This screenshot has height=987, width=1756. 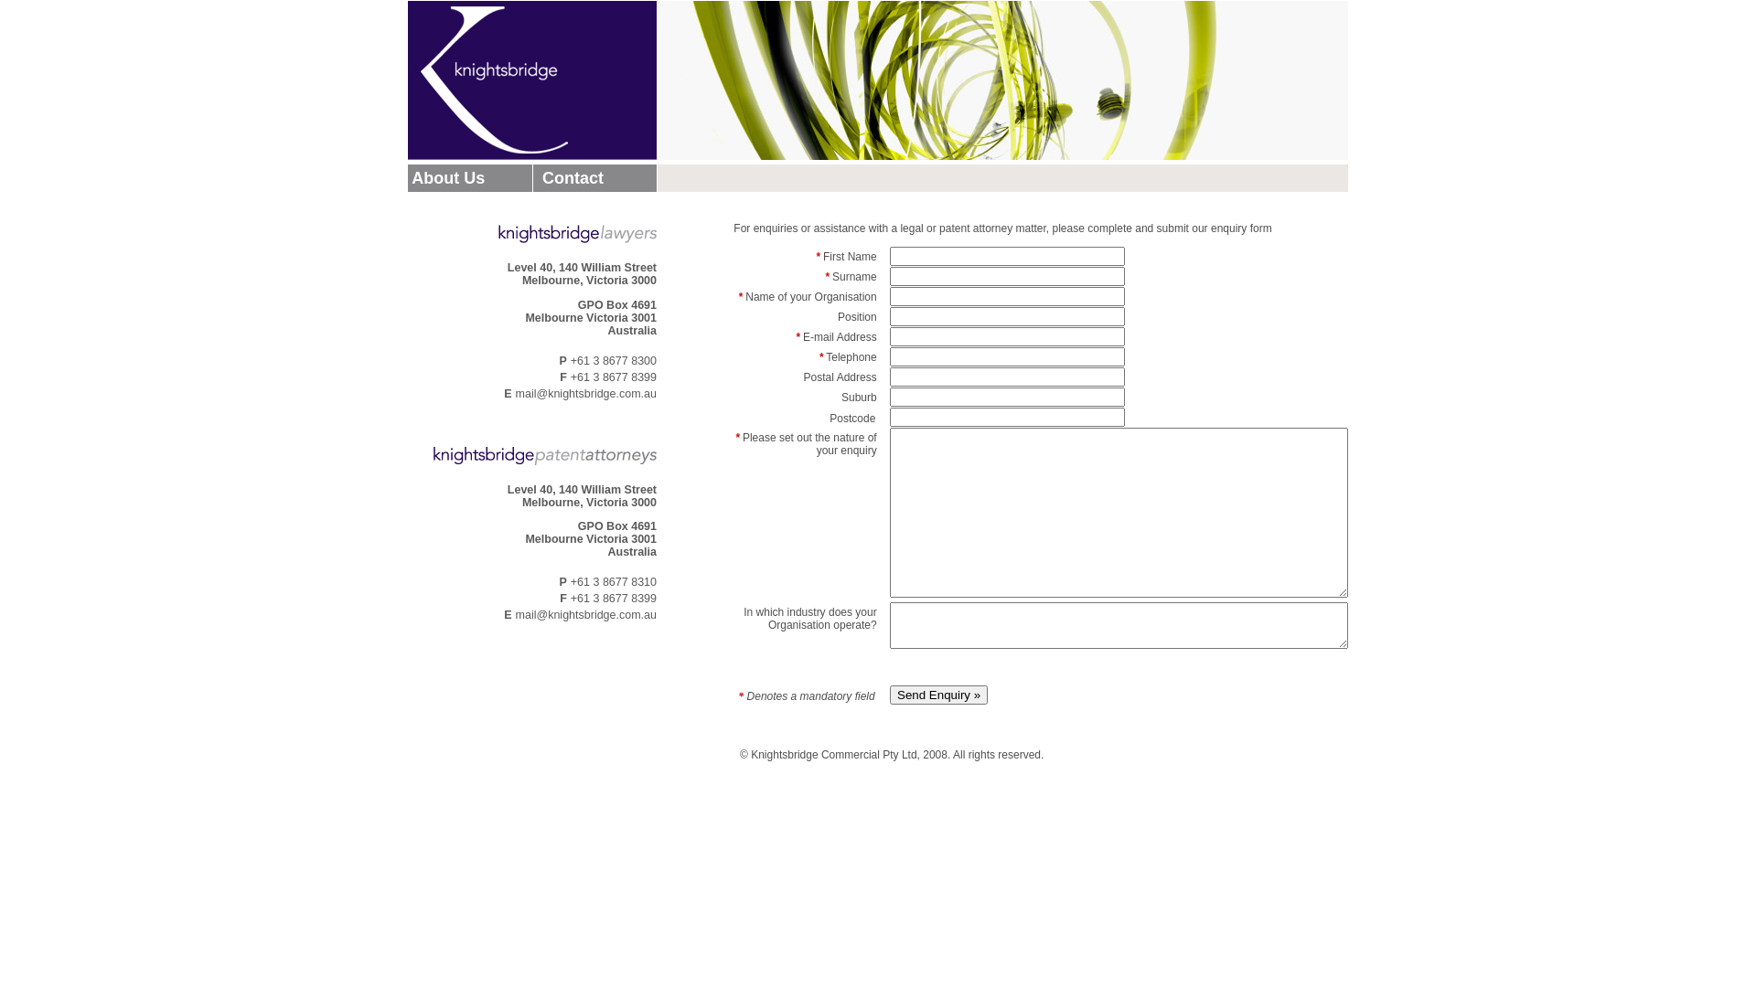 I want to click on 'Organisation Industry', so click(x=1118, y=624).